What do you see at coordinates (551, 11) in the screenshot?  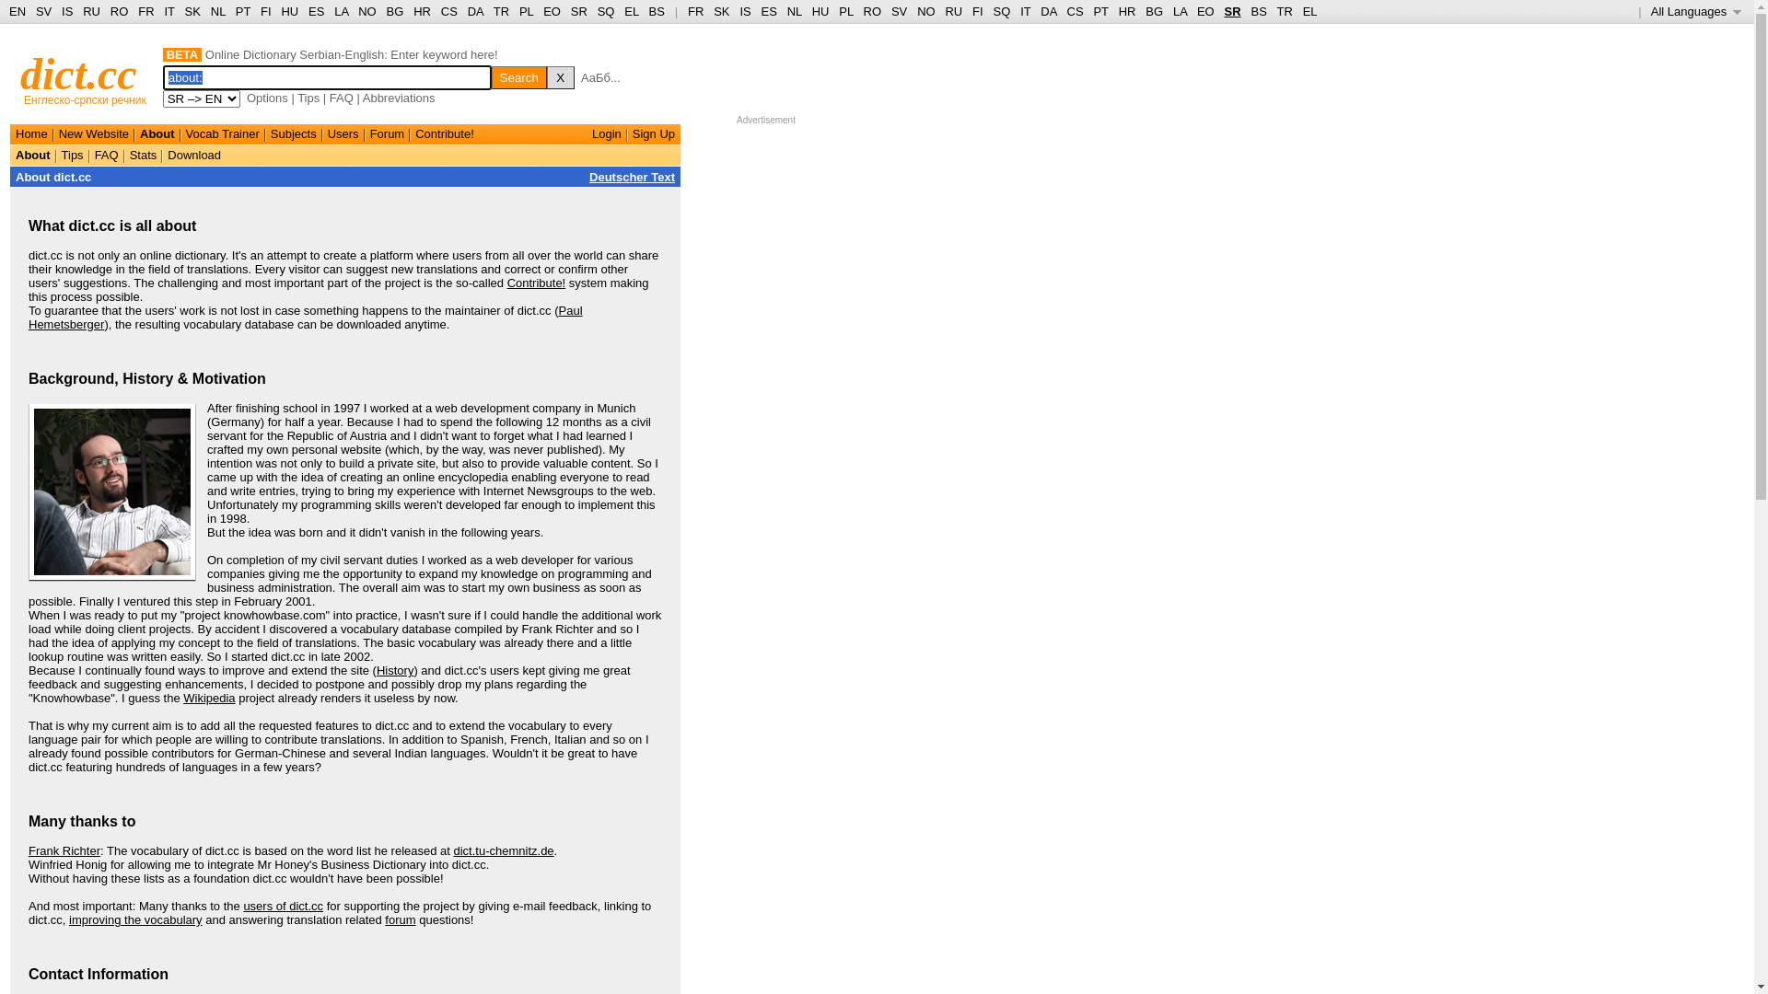 I see `'EO'` at bounding box center [551, 11].